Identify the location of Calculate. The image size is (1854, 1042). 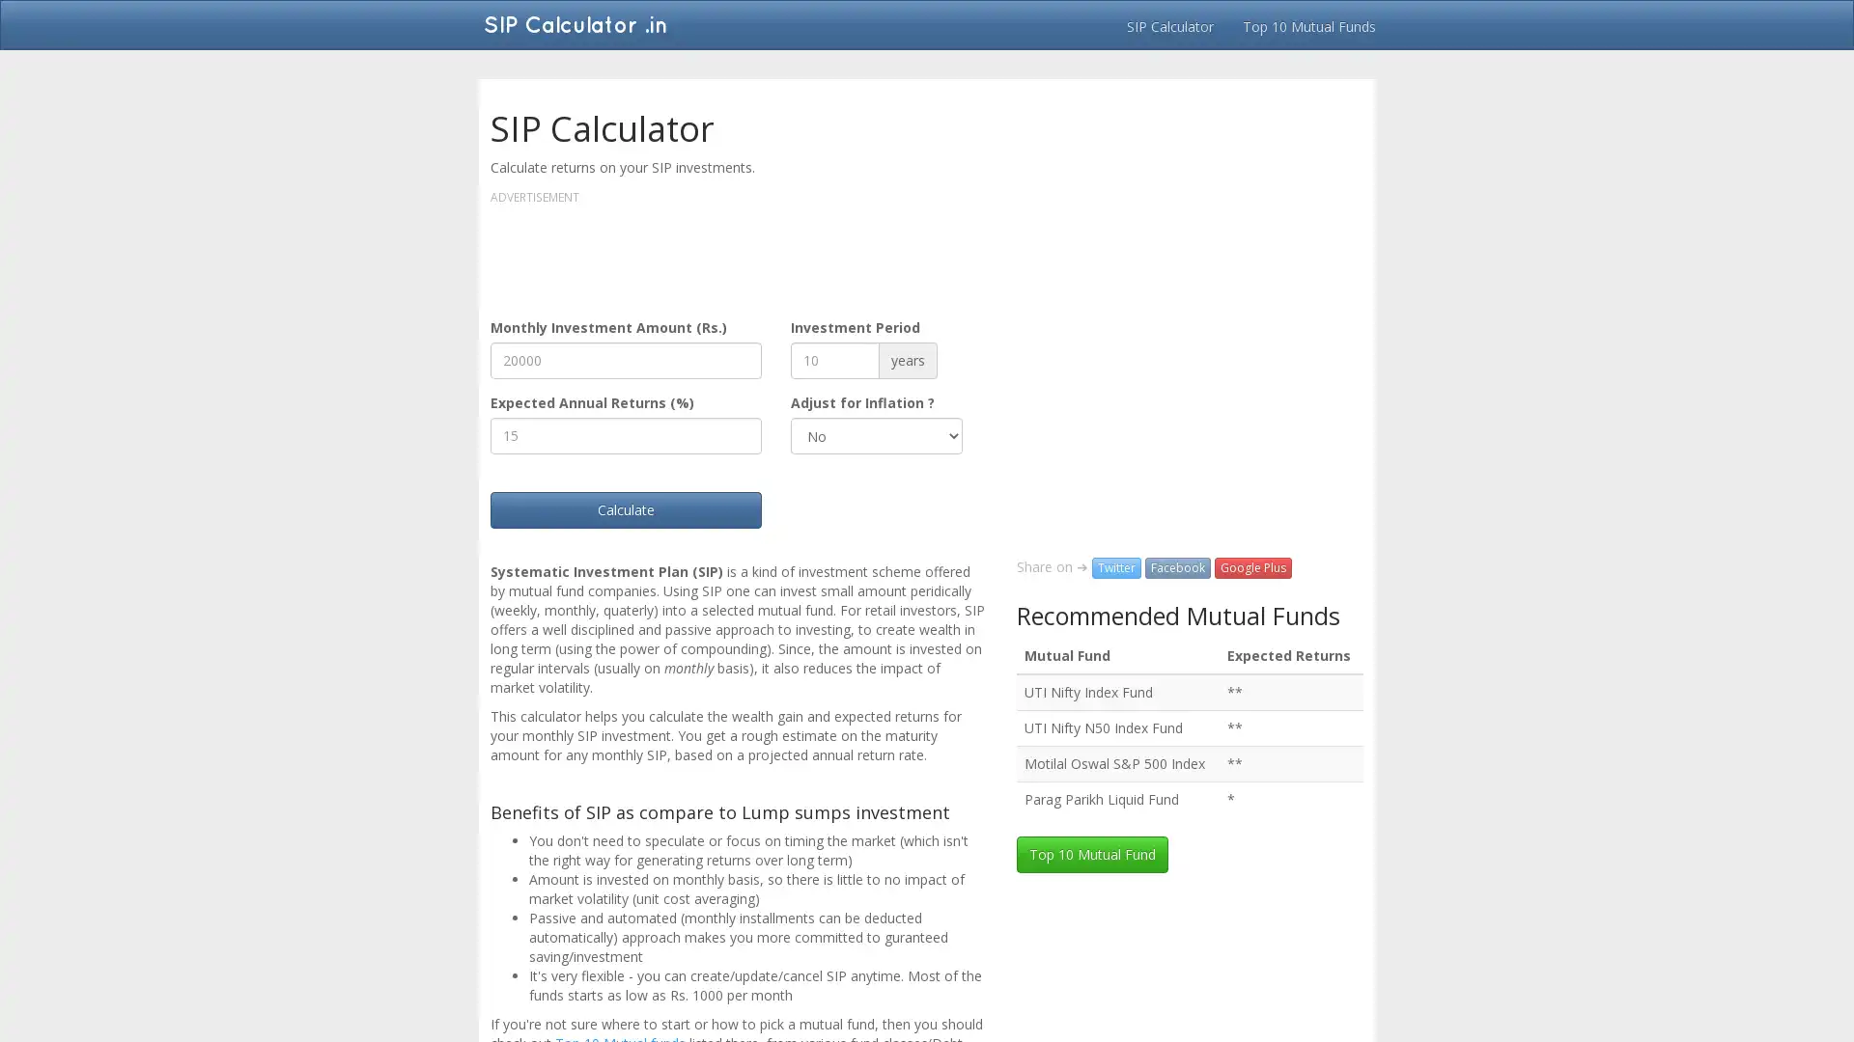
(626, 508).